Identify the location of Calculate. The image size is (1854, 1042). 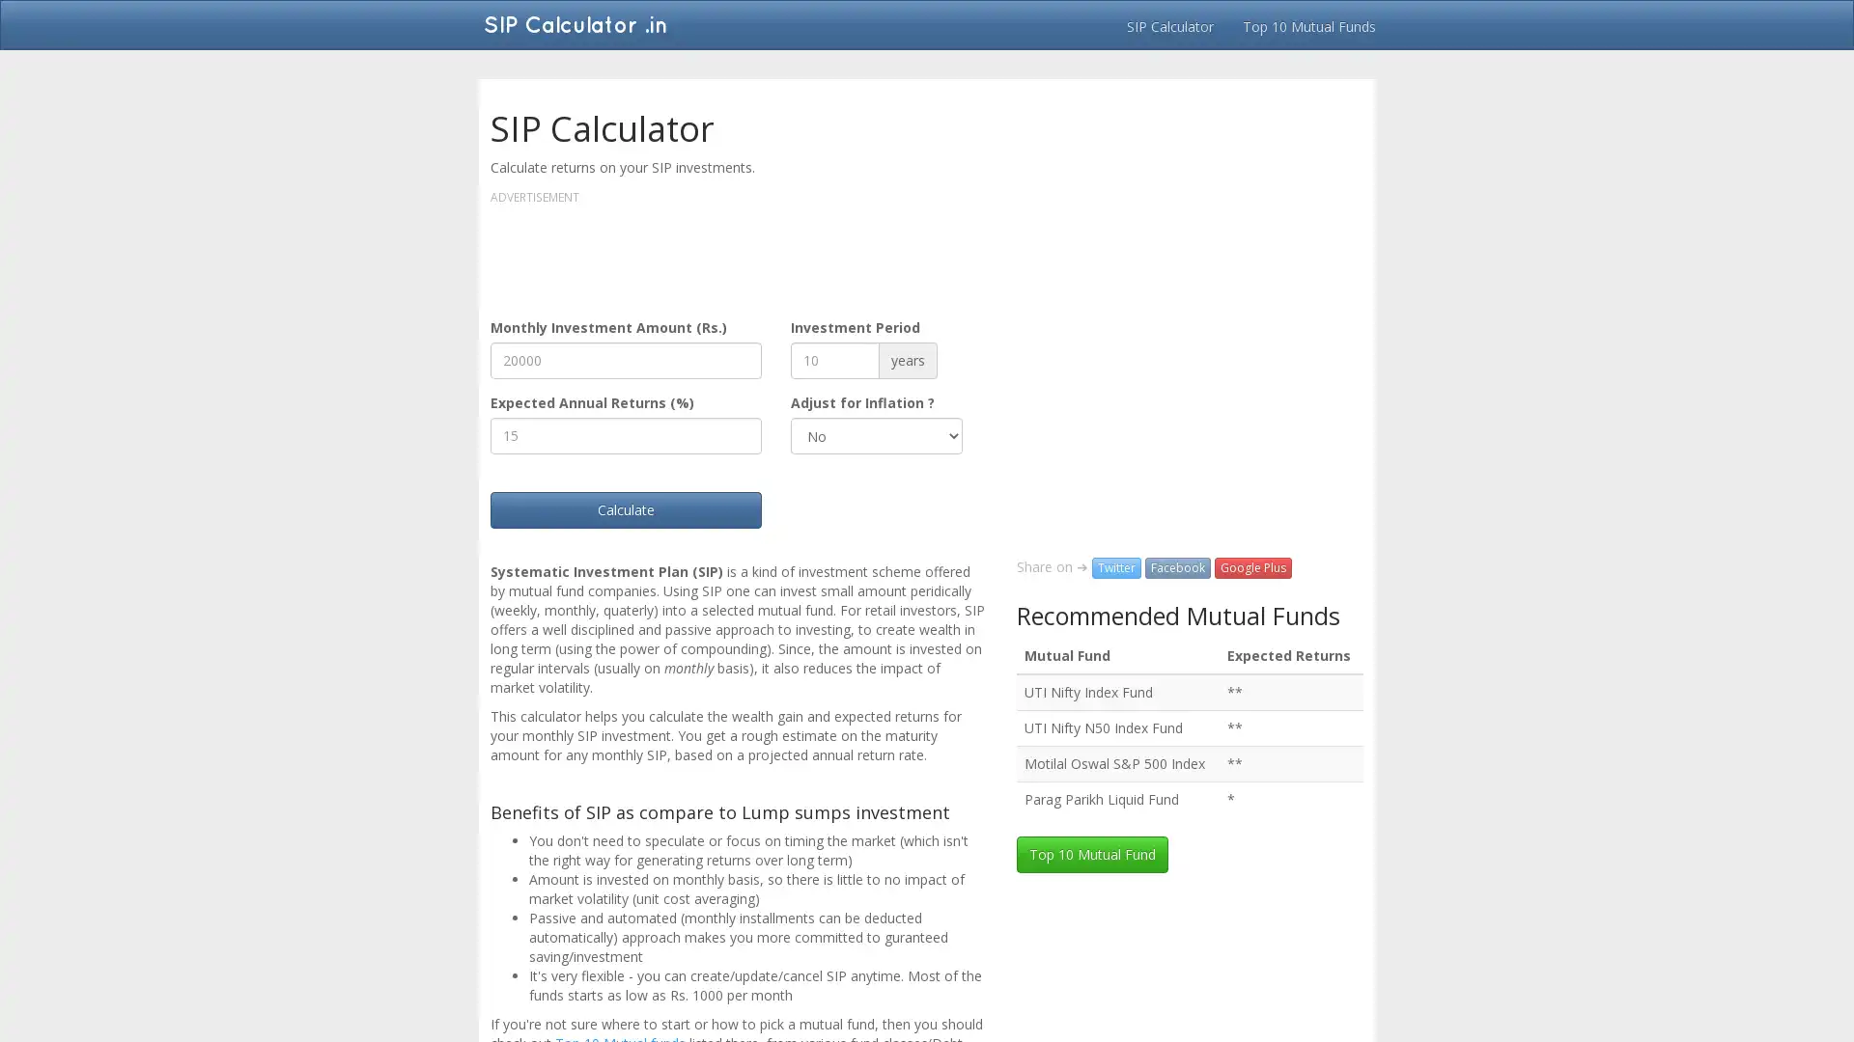
(626, 508).